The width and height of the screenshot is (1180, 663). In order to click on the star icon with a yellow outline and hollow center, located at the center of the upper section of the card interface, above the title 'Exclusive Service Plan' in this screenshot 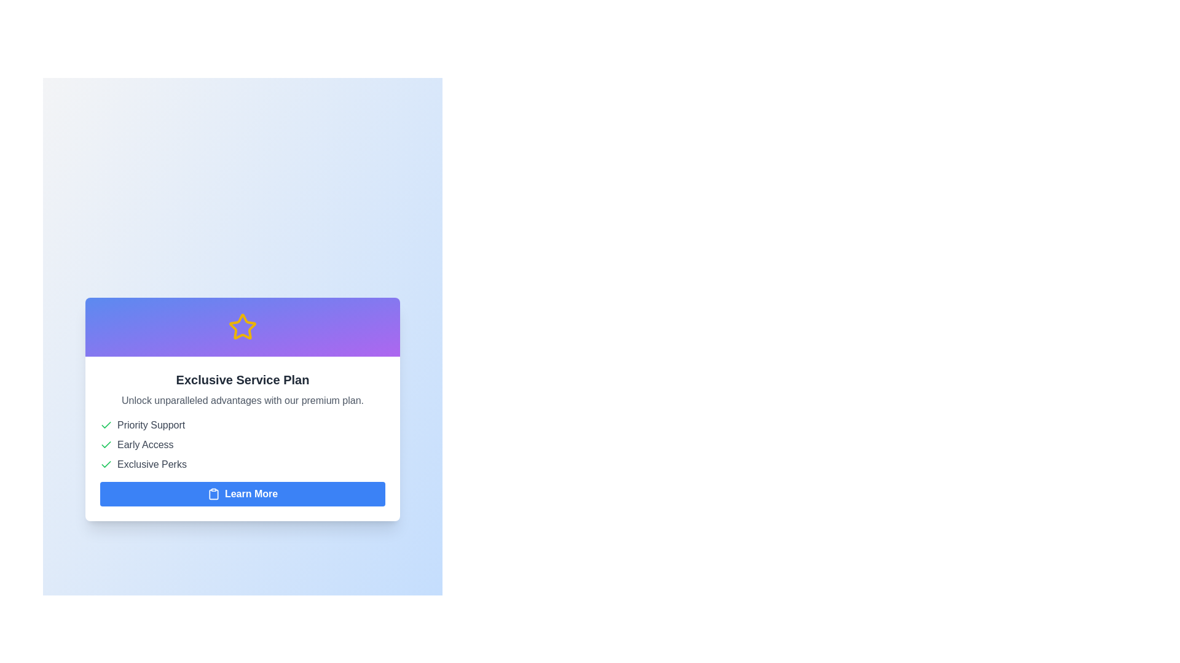, I will do `click(242, 326)`.